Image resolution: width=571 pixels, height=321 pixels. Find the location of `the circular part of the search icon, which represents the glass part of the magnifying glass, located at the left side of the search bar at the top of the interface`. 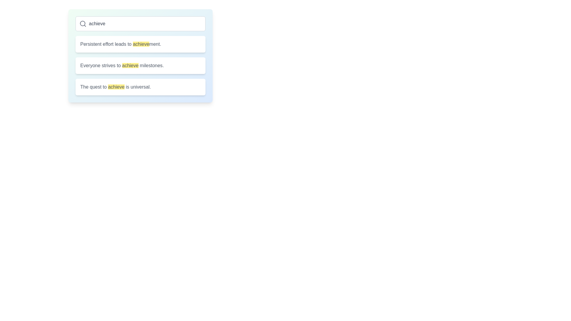

the circular part of the search icon, which represents the glass part of the magnifying glass, located at the left side of the search bar at the top of the interface is located at coordinates (82, 23).